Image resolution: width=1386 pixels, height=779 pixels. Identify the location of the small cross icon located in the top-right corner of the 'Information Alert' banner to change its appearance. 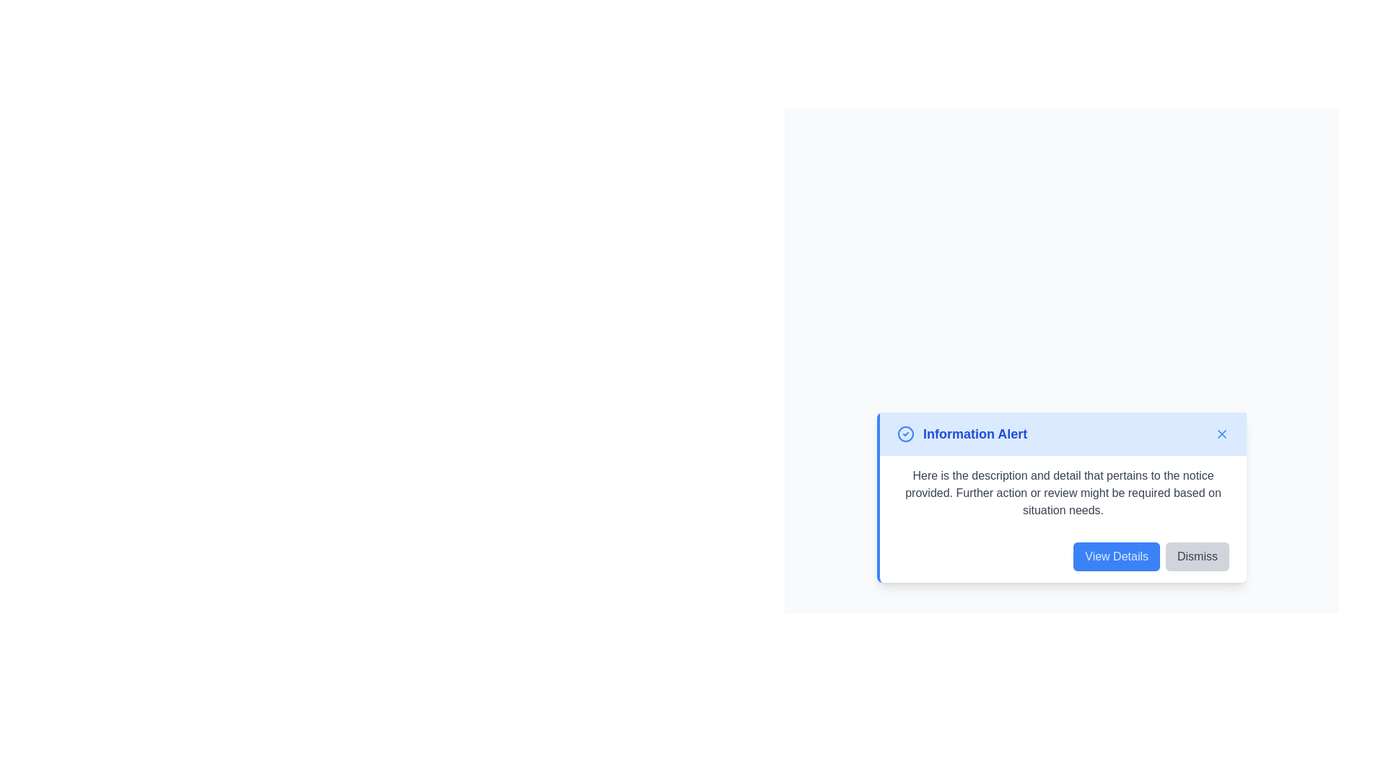
(1221, 433).